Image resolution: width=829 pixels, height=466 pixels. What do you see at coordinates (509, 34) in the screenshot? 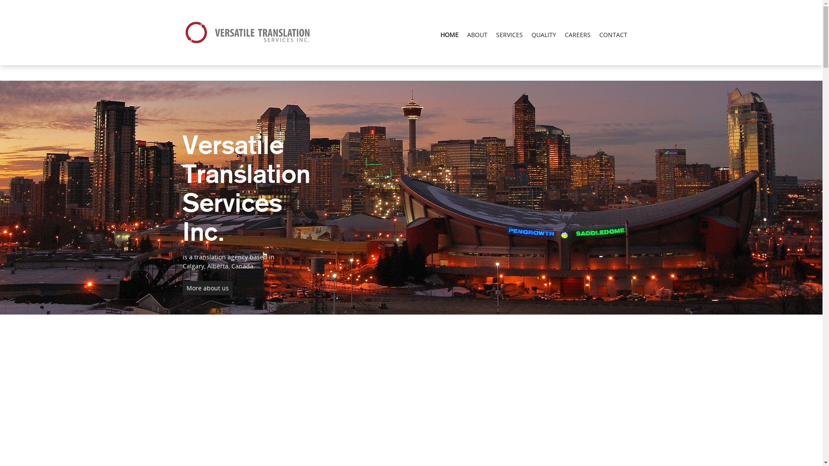
I see `'SERVICES'` at bounding box center [509, 34].